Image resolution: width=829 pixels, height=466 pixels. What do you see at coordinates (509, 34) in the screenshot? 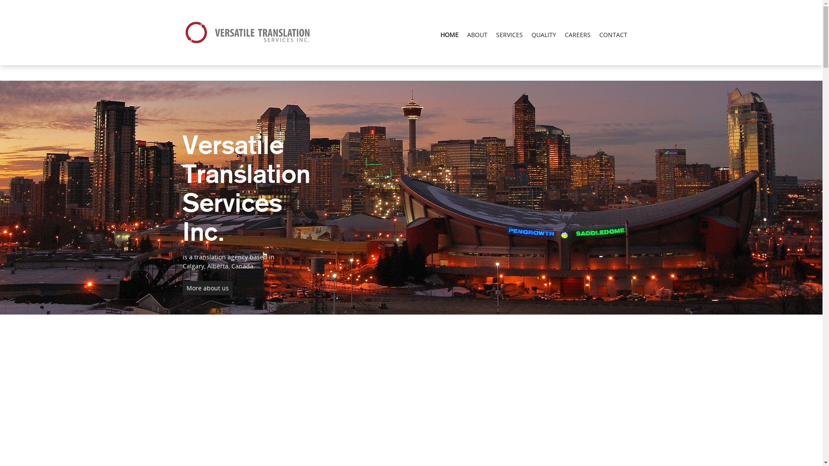
I see `'SERVICES'` at bounding box center [509, 34].